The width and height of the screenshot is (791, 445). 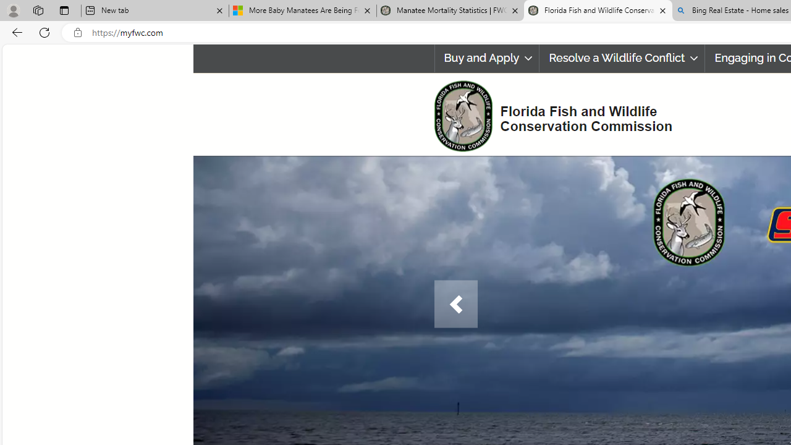 I want to click on 'FWC Logo Florida Fish and Wildlife Conservation Commission', so click(x=548, y=114).